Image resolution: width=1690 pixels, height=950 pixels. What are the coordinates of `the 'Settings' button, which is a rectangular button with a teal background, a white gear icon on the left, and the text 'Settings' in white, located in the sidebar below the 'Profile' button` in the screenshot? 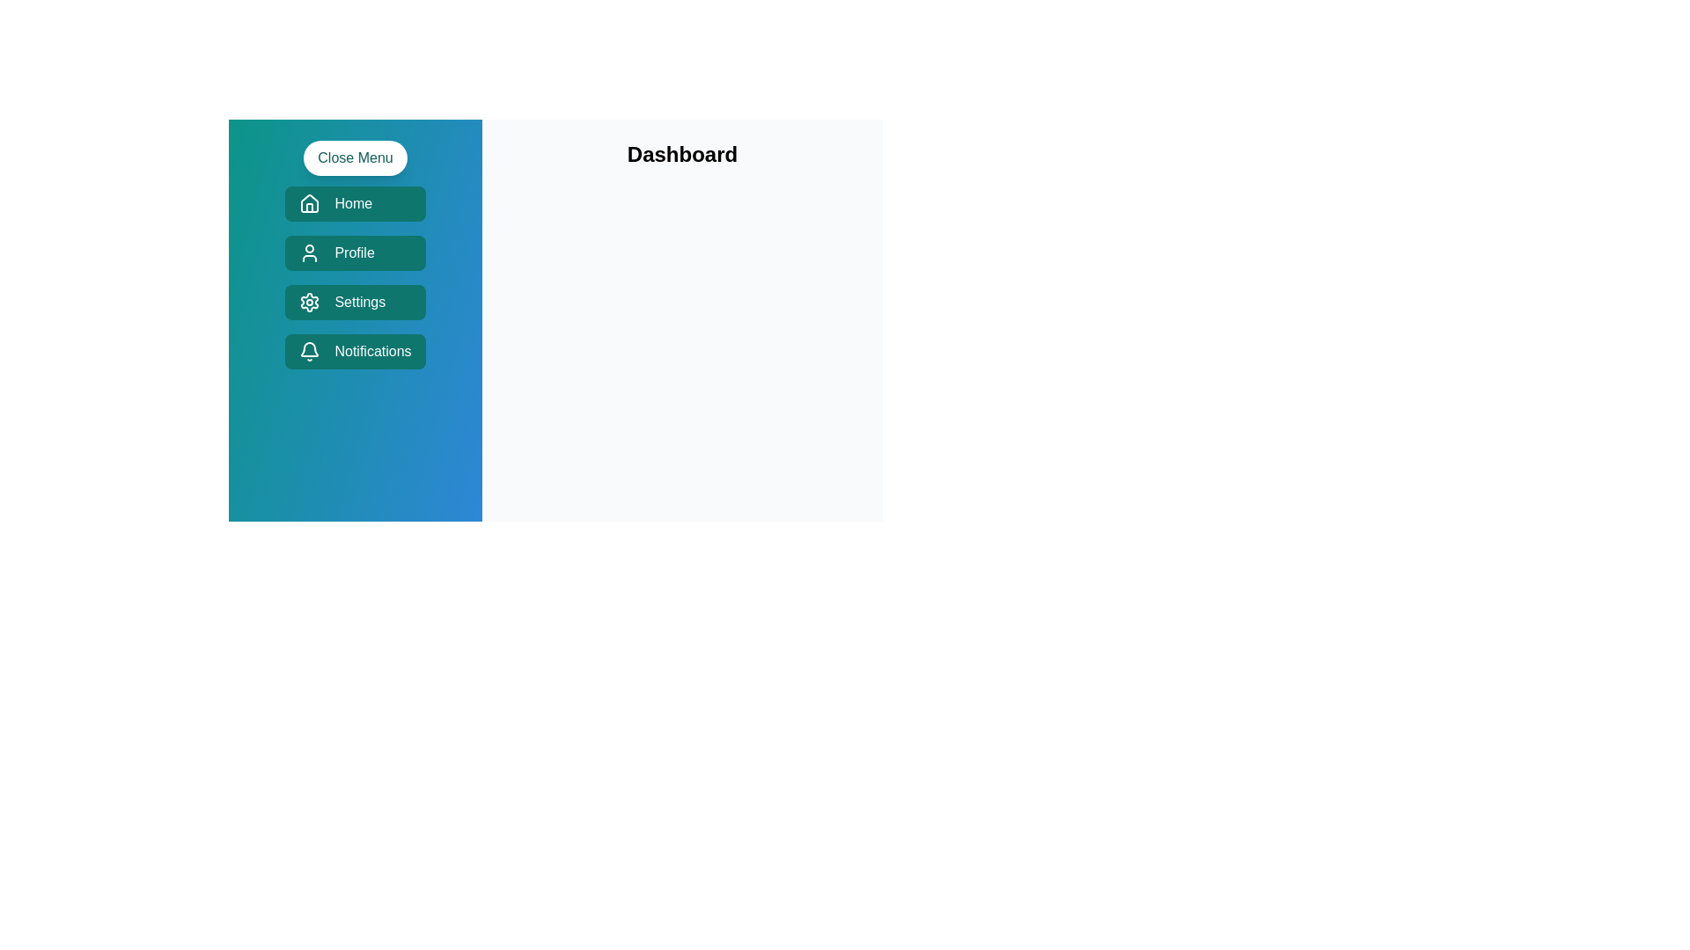 It's located at (354, 301).